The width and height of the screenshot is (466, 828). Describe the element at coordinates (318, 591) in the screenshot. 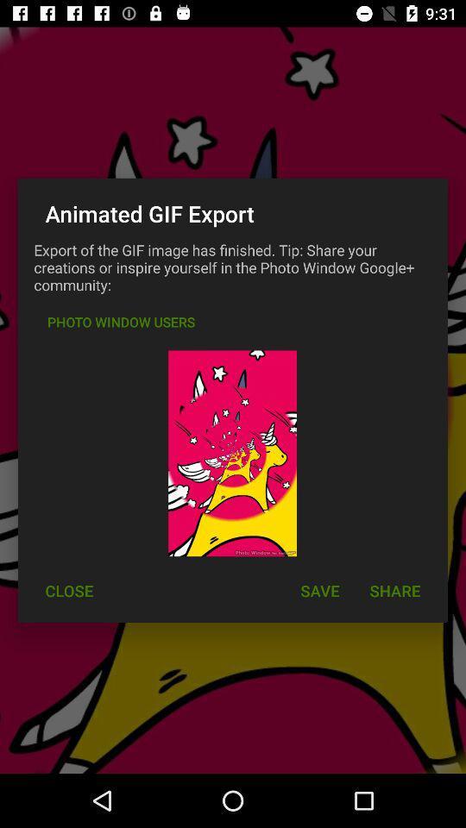

I see `icon to the left of share` at that location.